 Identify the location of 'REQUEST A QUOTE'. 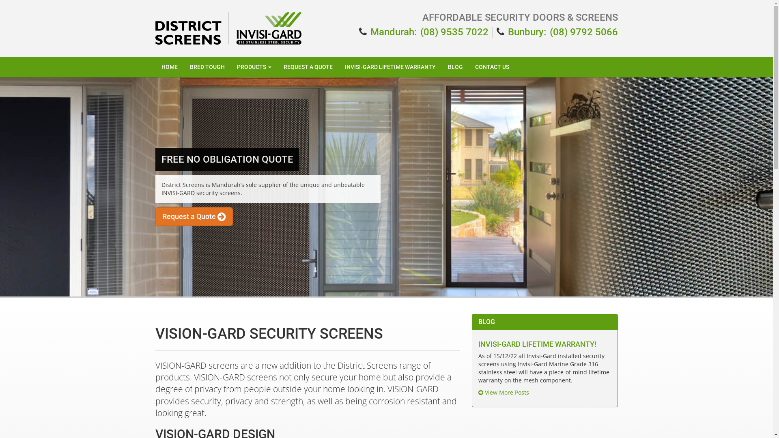
(308, 67).